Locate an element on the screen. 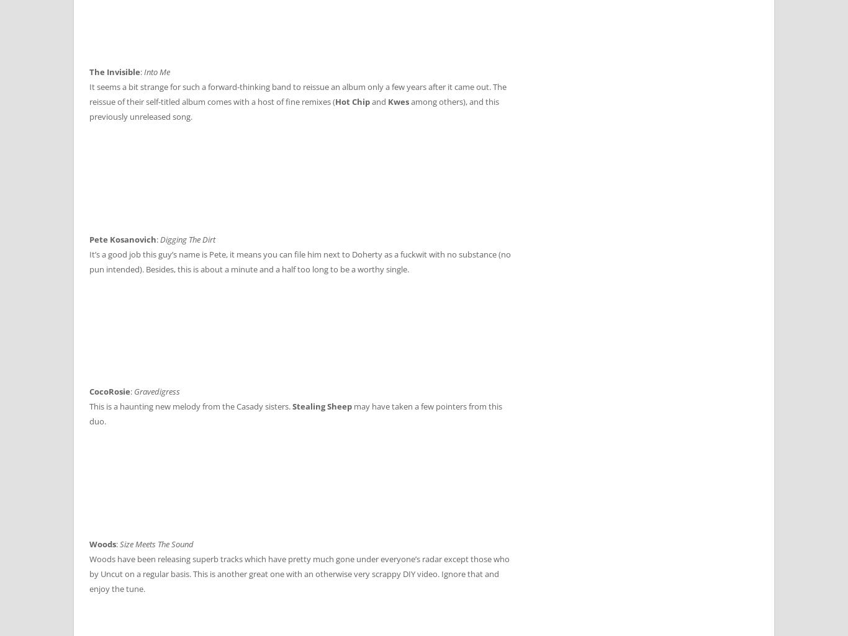  'may have taken a few pointers from this duo.' is located at coordinates (295, 413).